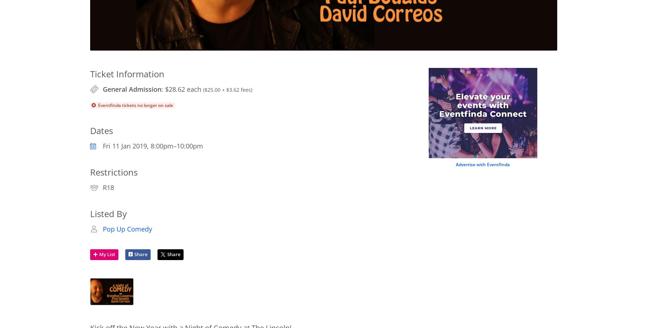  I want to click on 'Restrictions', so click(113, 172).